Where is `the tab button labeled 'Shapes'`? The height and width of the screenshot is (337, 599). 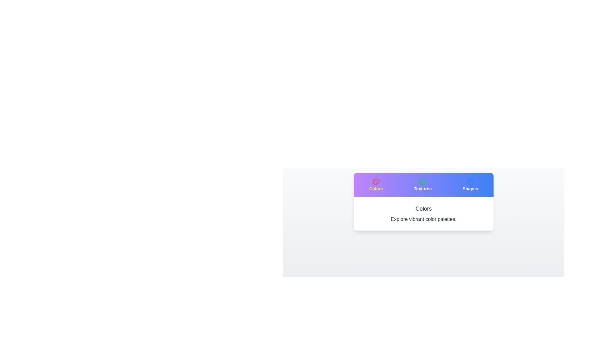
the tab button labeled 'Shapes' is located at coordinates (470, 185).